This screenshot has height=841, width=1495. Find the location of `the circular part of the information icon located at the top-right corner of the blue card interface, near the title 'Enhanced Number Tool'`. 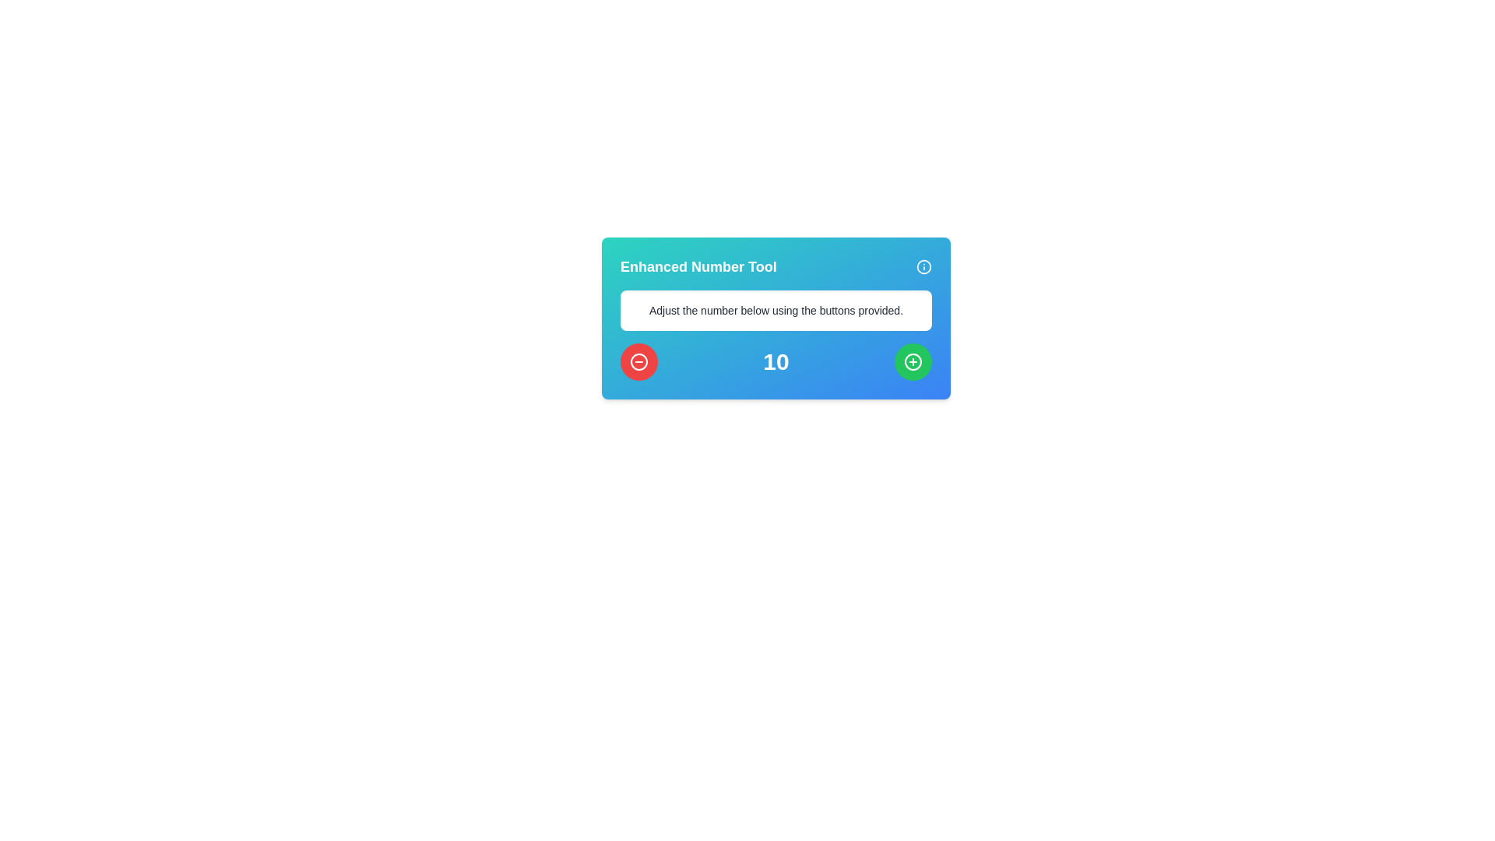

the circular part of the information icon located at the top-right corner of the blue card interface, near the title 'Enhanced Number Tool' is located at coordinates (923, 266).